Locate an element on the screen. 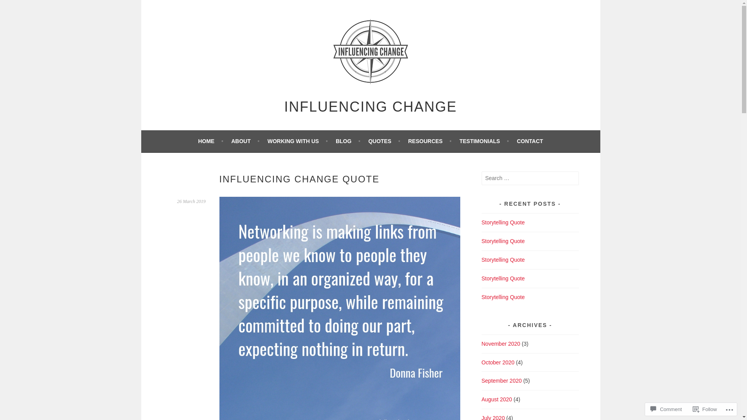 This screenshot has width=747, height=420. '26 March 2019' is located at coordinates (191, 201).